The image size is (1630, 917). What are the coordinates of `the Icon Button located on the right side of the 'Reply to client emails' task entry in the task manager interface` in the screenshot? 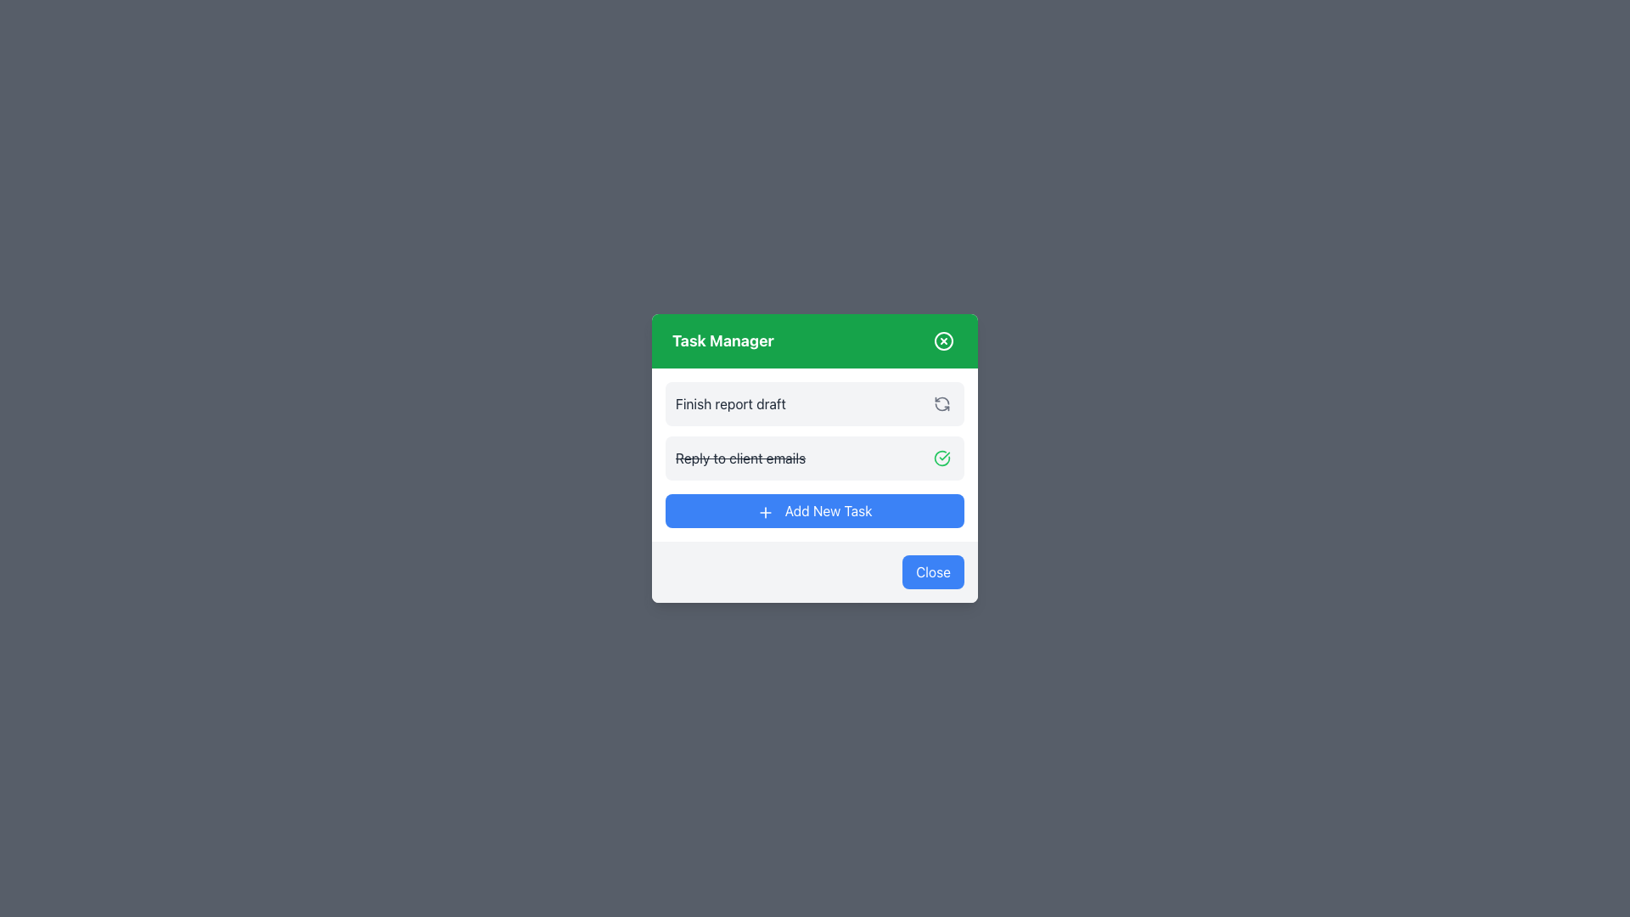 It's located at (941, 458).